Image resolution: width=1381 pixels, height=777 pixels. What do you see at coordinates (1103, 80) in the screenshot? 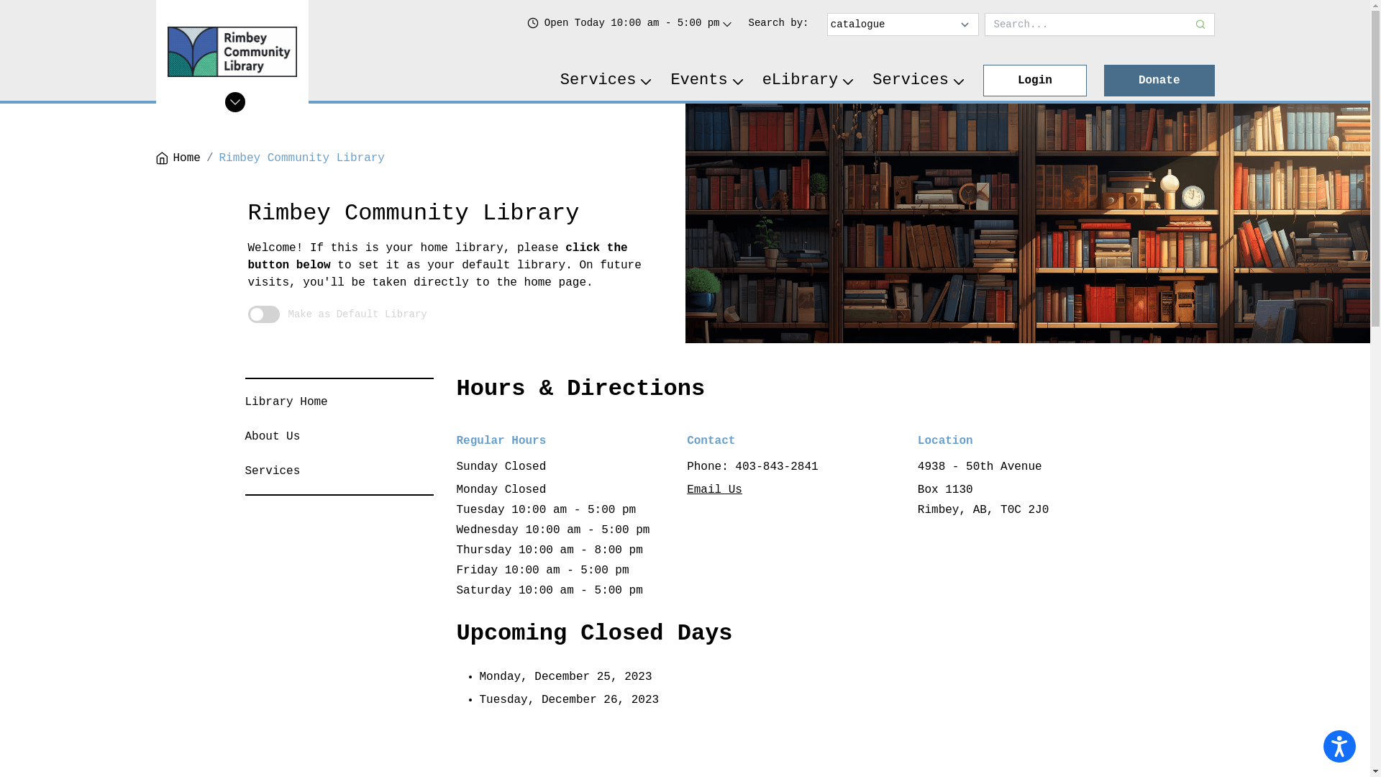
I see `'Donate'` at bounding box center [1103, 80].